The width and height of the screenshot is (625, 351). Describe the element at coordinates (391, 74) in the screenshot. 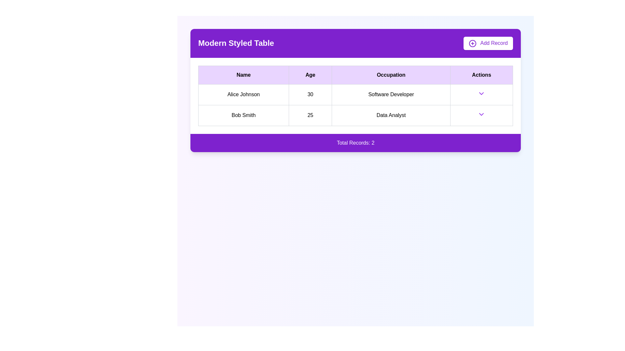

I see `the 'Occupation' header label in the table, which is the third column header preceded by 'Name' and 'Age', and followed by 'Actions'` at that location.